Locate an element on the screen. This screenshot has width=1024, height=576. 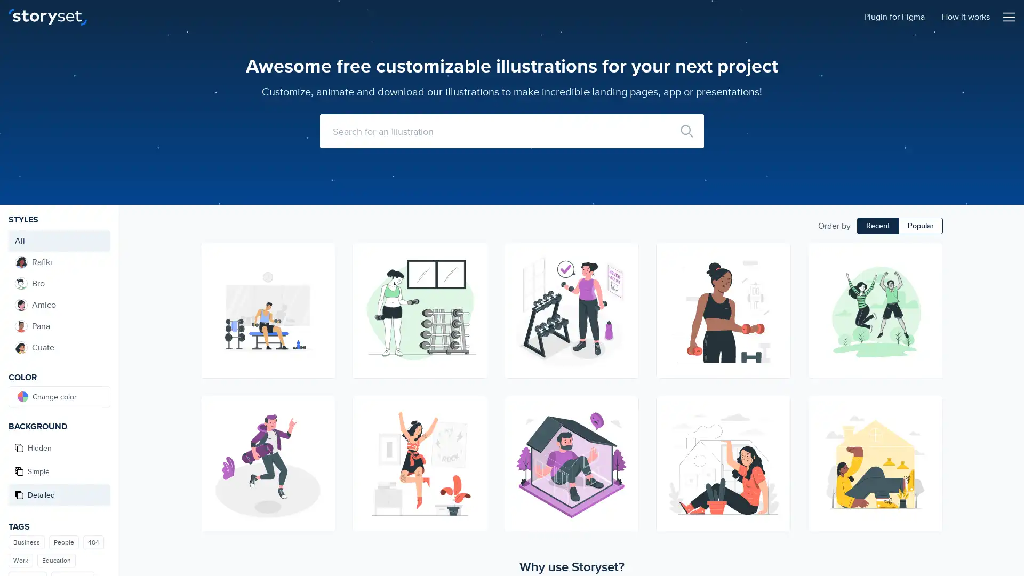
Pinterest icon Save is located at coordinates (625, 446).